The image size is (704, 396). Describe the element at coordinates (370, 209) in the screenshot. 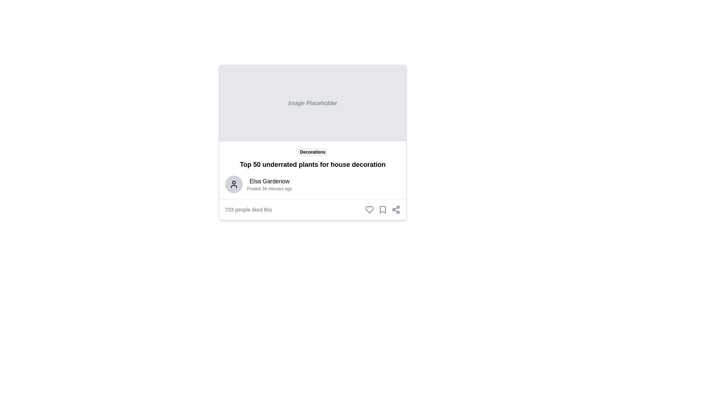

I see `the 'like' button located in the bottom-right corner of the content card` at that location.